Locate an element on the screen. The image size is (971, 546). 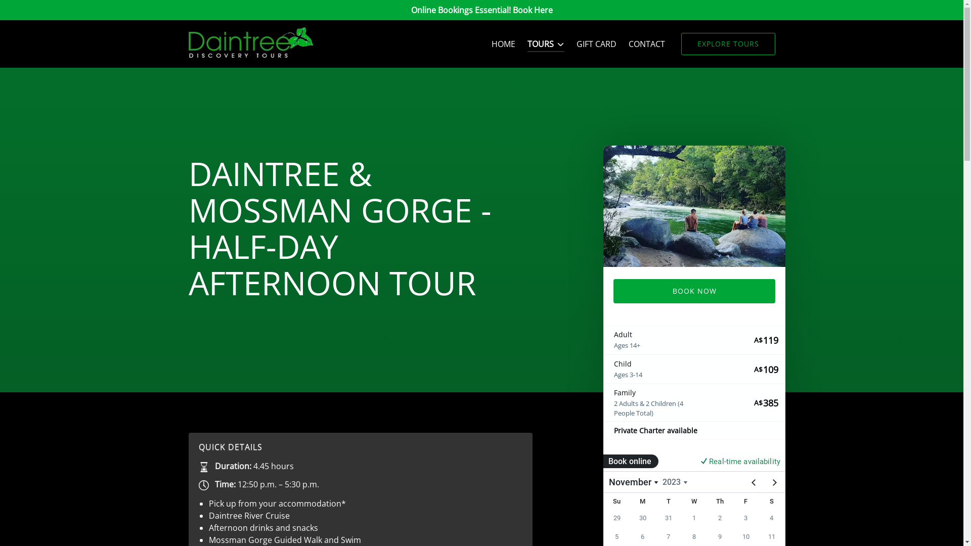
'TOURS' is located at coordinates (521, 43).